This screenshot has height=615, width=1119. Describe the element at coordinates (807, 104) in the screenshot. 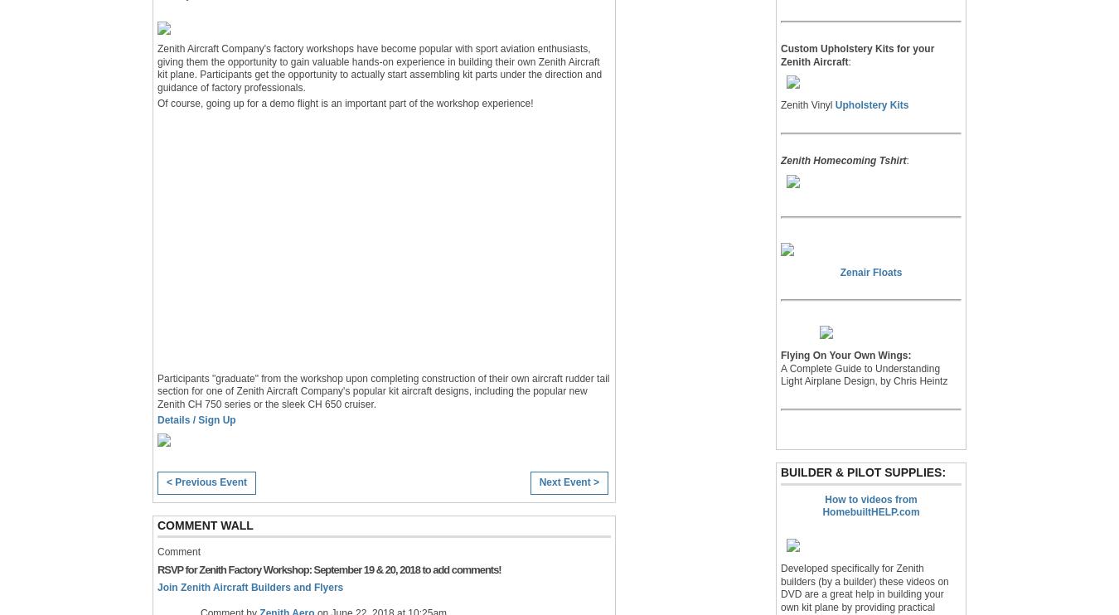

I see `'Zenith Vinyl'` at that location.